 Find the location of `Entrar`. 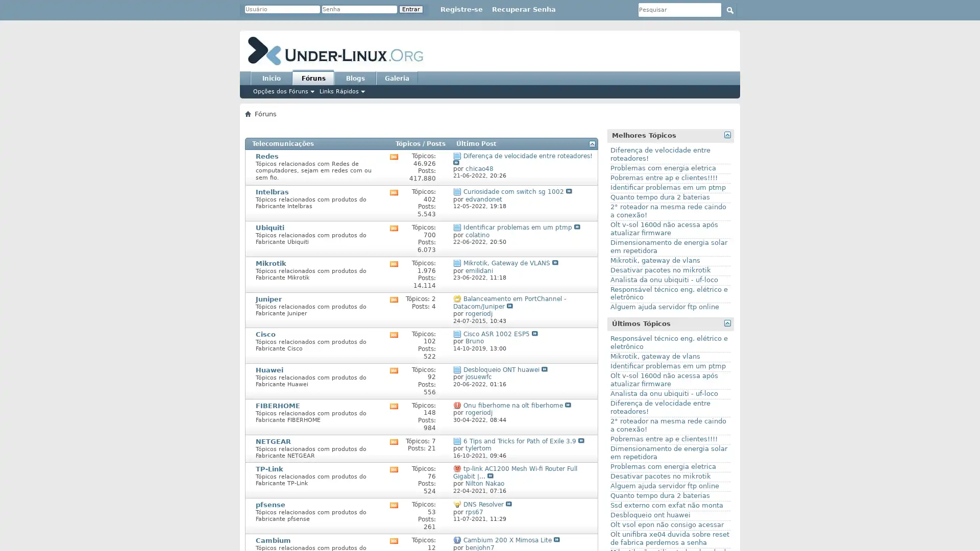

Entrar is located at coordinates (411, 9).